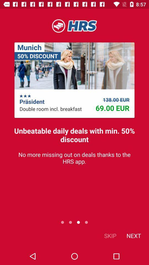 The width and height of the screenshot is (149, 265). Describe the element at coordinates (133, 235) in the screenshot. I see `item to the right of the skip` at that location.